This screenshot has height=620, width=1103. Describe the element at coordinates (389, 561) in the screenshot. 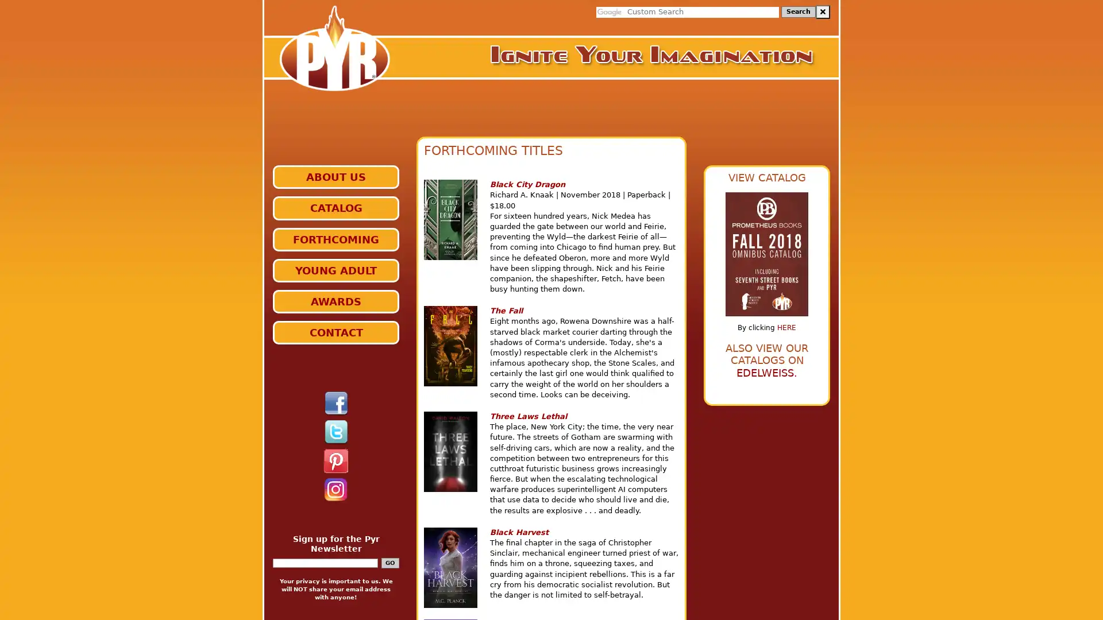

I see `GO` at that location.